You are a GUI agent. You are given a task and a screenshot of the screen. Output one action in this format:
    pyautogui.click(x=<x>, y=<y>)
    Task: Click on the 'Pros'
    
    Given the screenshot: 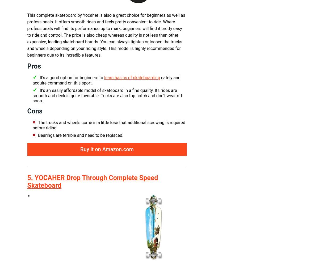 What is the action you would take?
    pyautogui.click(x=34, y=66)
    